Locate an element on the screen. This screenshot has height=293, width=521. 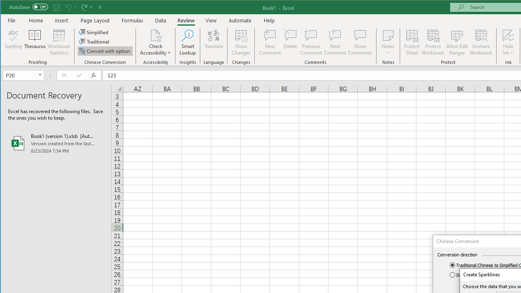
'Smart Lookup' is located at coordinates (187, 42).